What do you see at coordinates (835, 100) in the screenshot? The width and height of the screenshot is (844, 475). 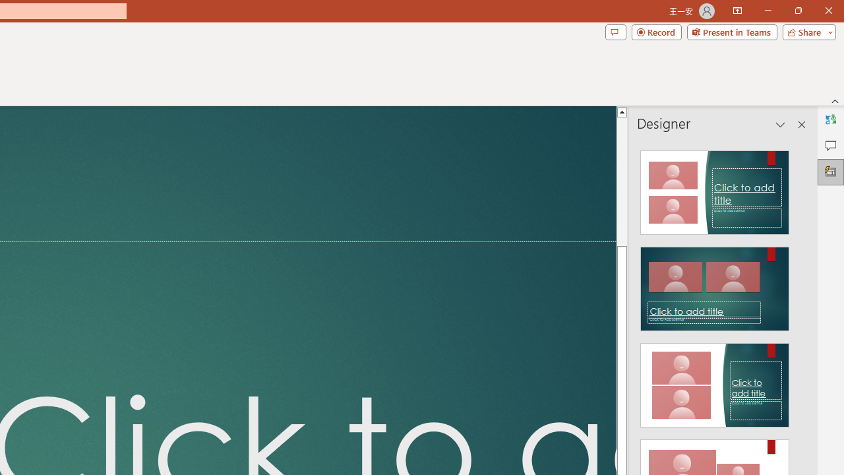 I see `'Collapse the Ribbon'` at bounding box center [835, 100].